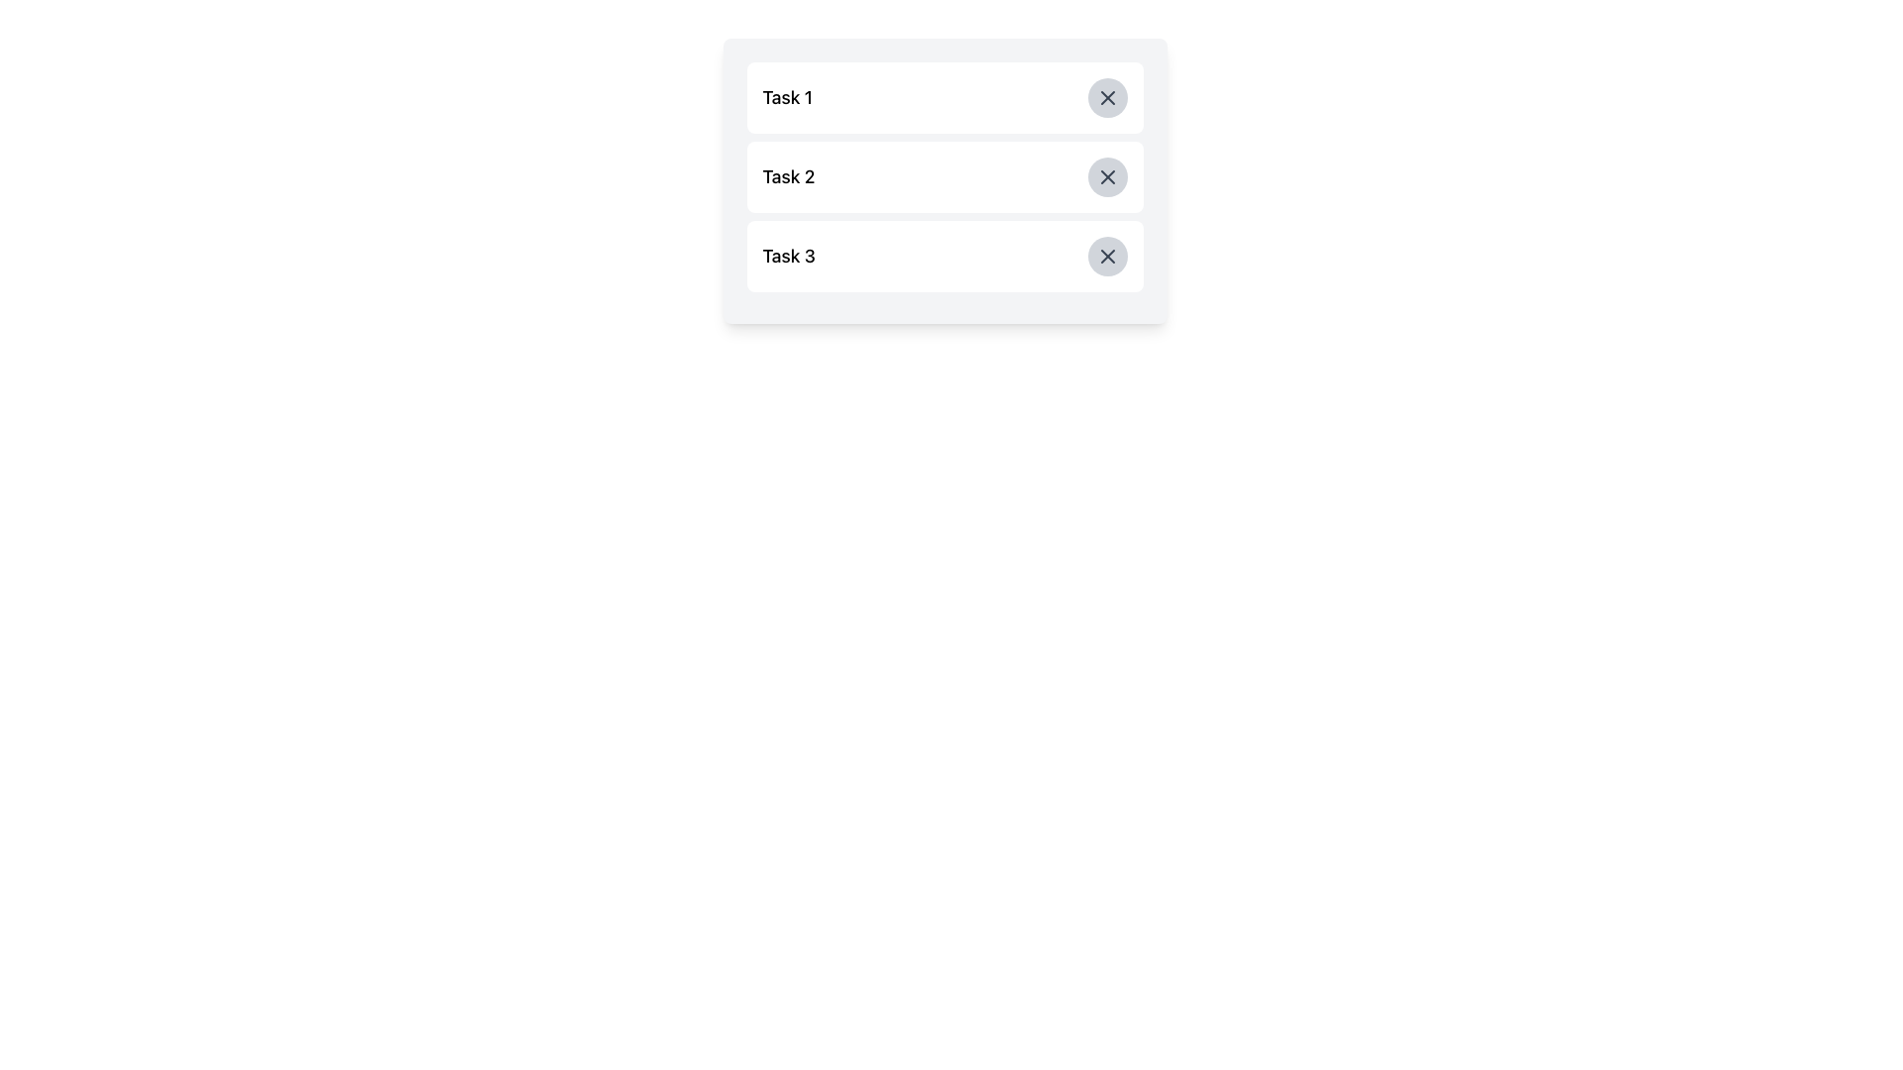 The width and height of the screenshot is (1903, 1070). Describe the element at coordinates (788, 255) in the screenshot. I see `the text label 'Task 3'` at that location.